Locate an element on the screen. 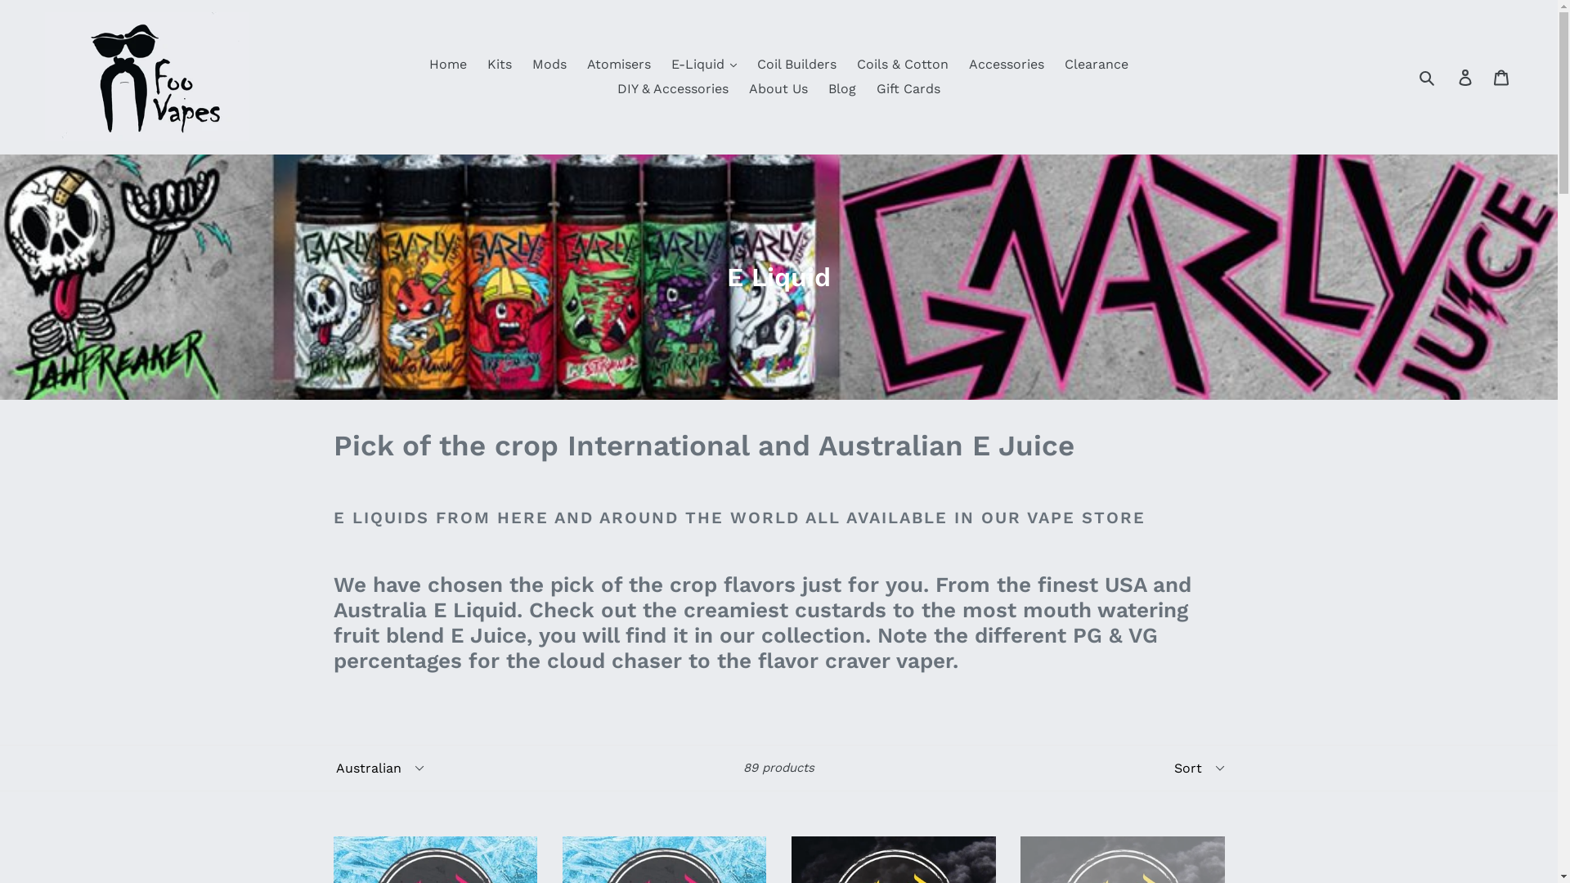  'Coil Builders' is located at coordinates (796, 63).